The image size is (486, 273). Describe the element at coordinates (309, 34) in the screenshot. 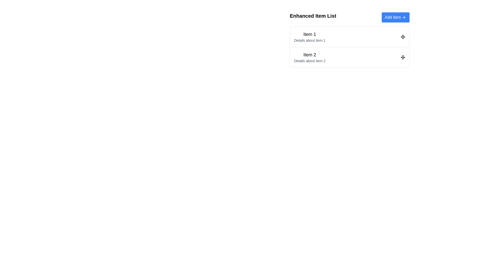

I see `the Text Label that serves as the title for the first item in the Enhanced Item List` at that location.